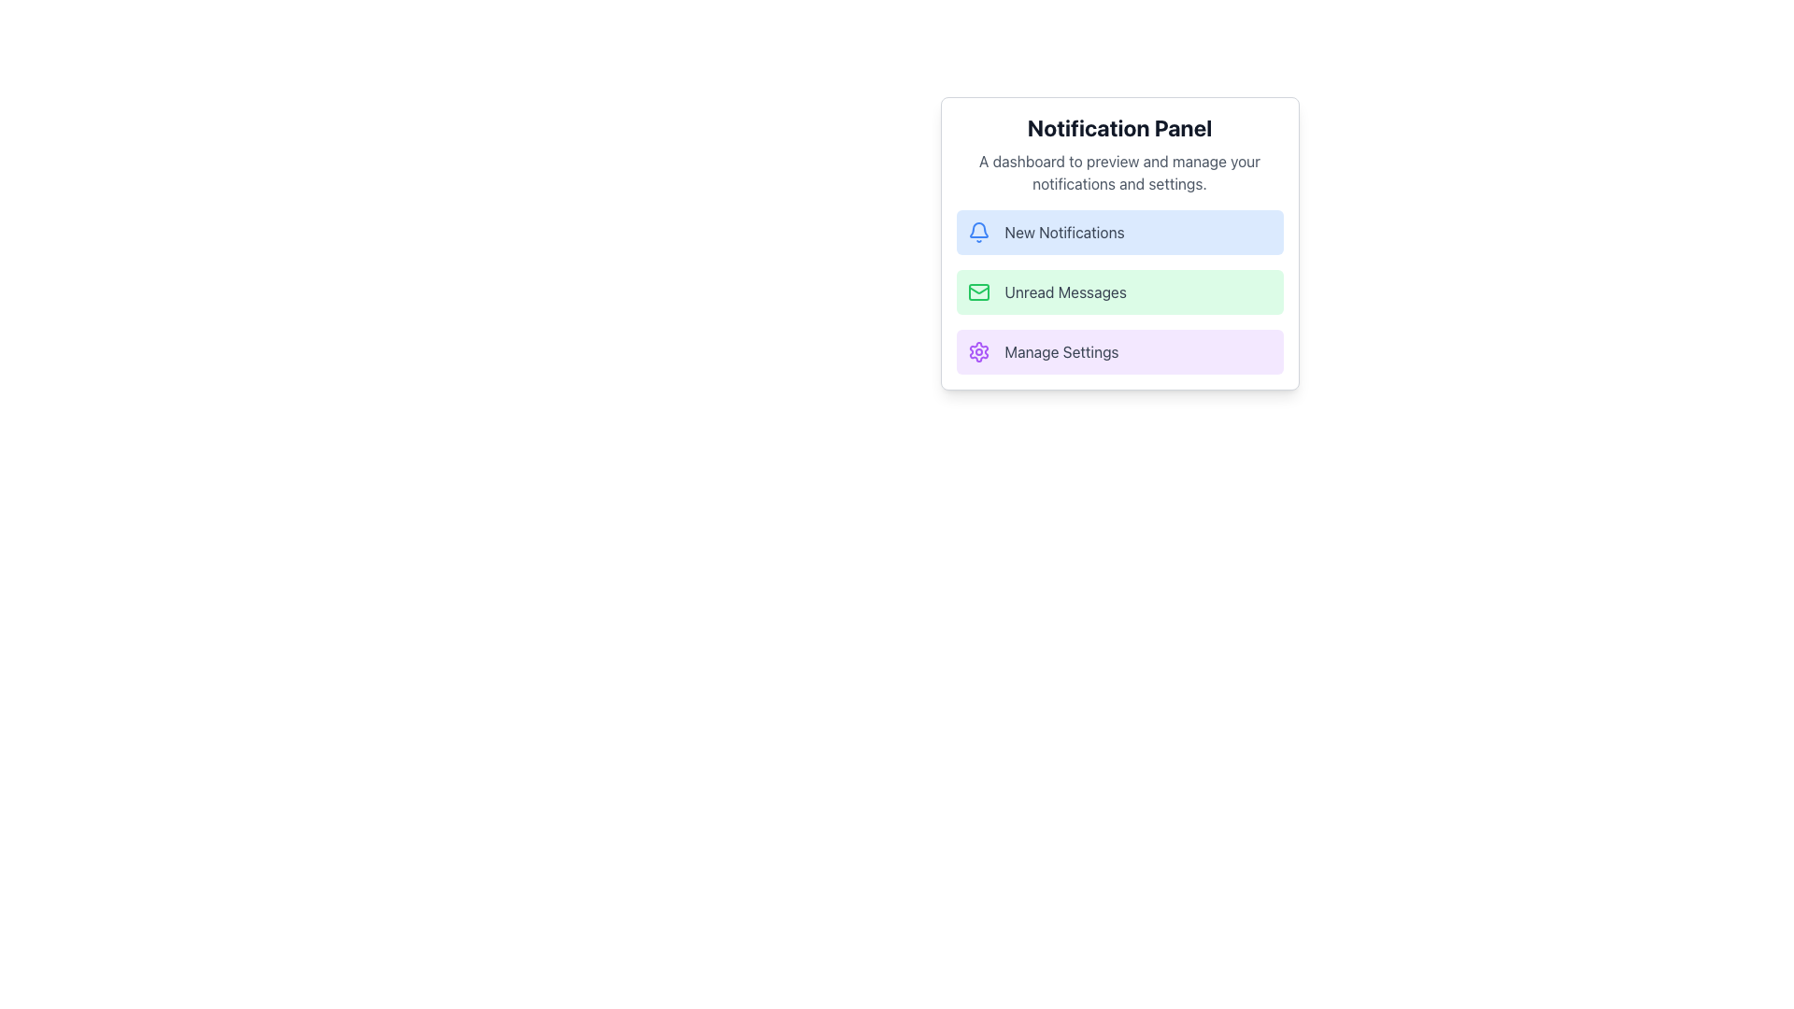 This screenshot has width=1794, height=1009. What do you see at coordinates (1119, 291) in the screenshot?
I see `the grid layout containing rows with text and icons representing 'New Notifications', 'Unread Messages', and 'Manage Settings' within the 'Notification Panel'` at bounding box center [1119, 291].